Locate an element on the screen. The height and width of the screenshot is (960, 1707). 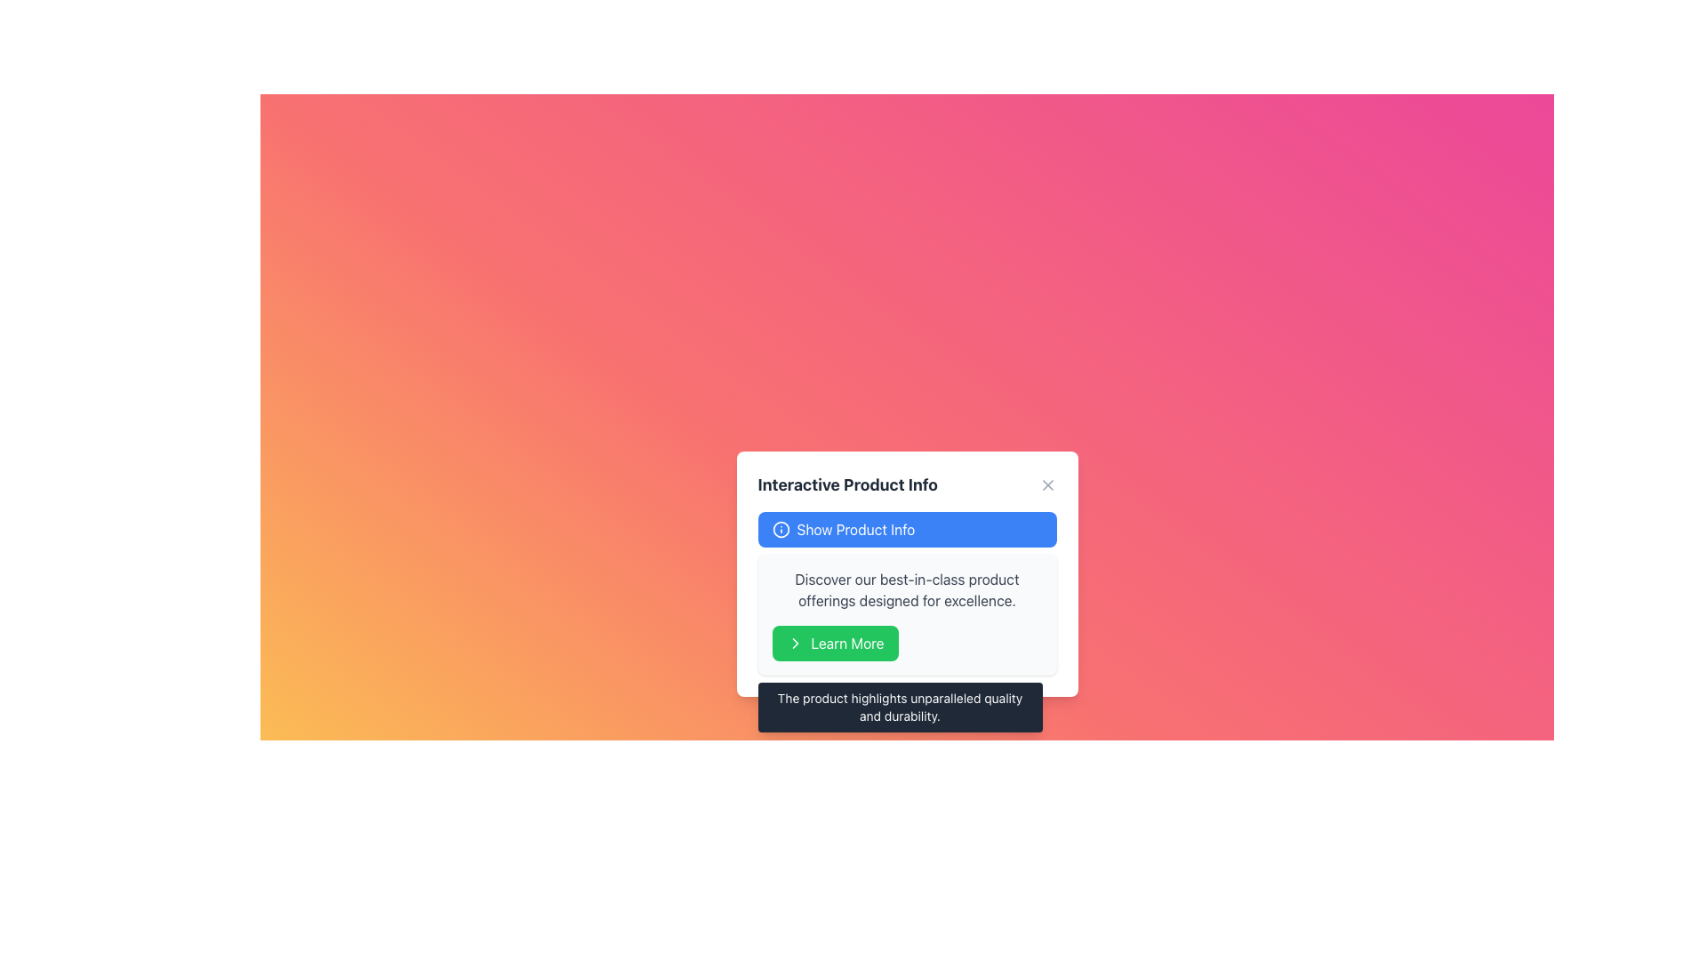
the bold static text displaying 'Interactive Product Info' located at the top-left area of the central card is located at coordinates (846, 485).